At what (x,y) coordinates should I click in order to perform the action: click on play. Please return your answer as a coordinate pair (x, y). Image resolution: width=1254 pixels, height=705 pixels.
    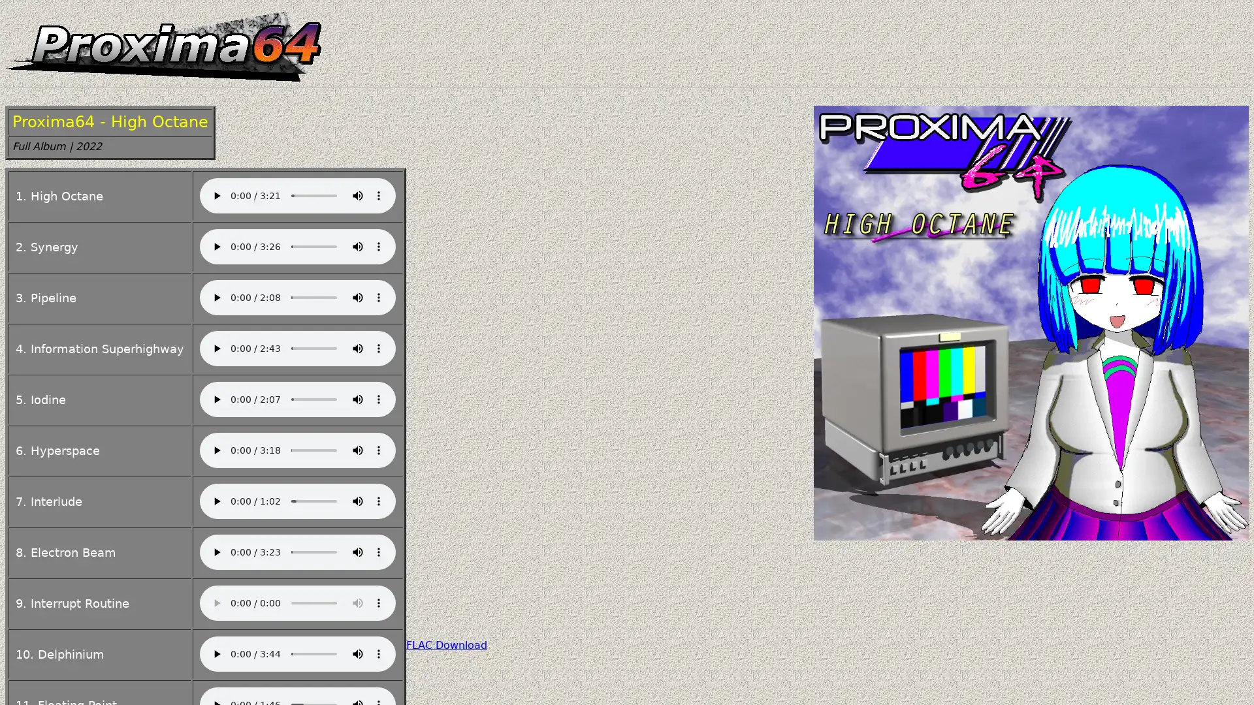
    Looking at the image, I should click on (216, 399).